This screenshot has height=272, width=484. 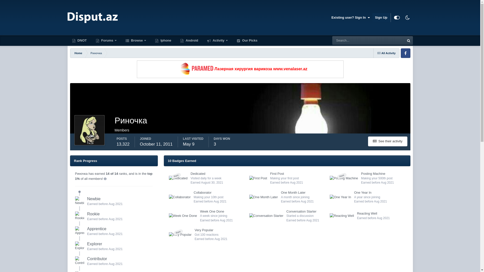 What do you see at coordinates (78, 53) in the screenshot?
I see `'Home'` at bounding box center [78, 53].